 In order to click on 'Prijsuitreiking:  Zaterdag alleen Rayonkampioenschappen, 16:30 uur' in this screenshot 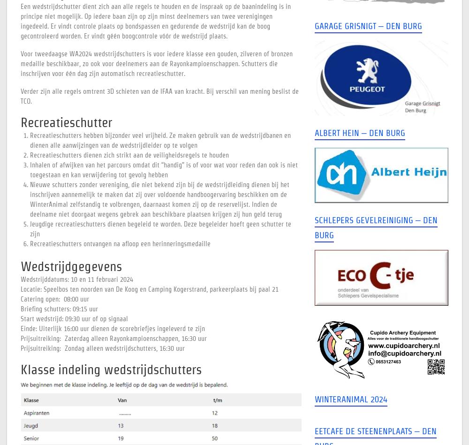, I will do `click(113, 338)`.